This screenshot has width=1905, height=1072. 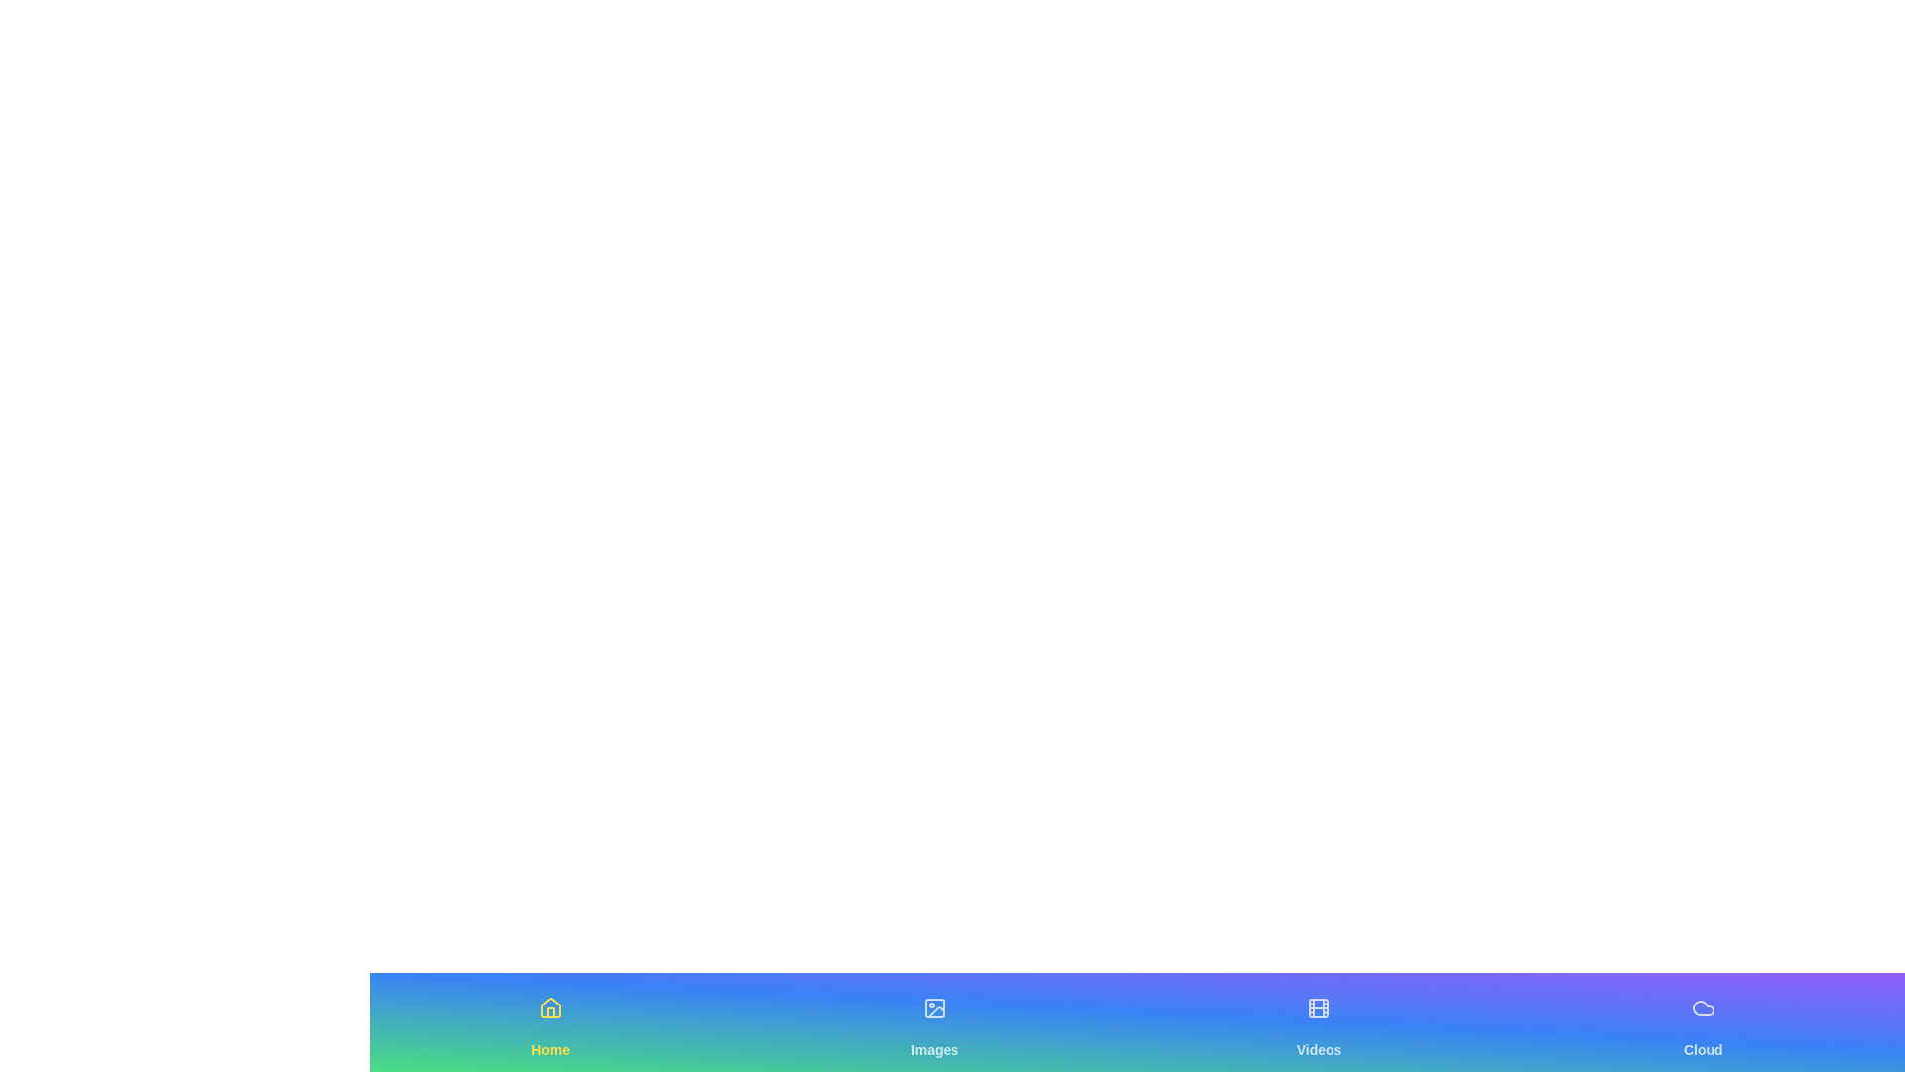 I want to click on the tab labeled Cloud to observe its hover effect, so click(x=1702, y=1021).